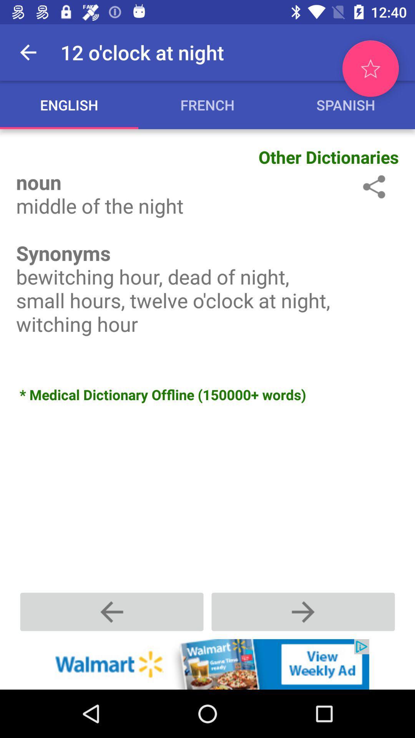 This screenshot has width=415, height=738. What do you see at coordinates (370, 68) in the screenshot?
I see `the star icon` at bounding box center [370, 68].